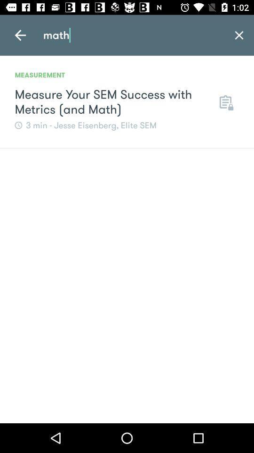 The image size is (254, 453). I want to click on icon next to measure your sem icon, so click(225, 102).